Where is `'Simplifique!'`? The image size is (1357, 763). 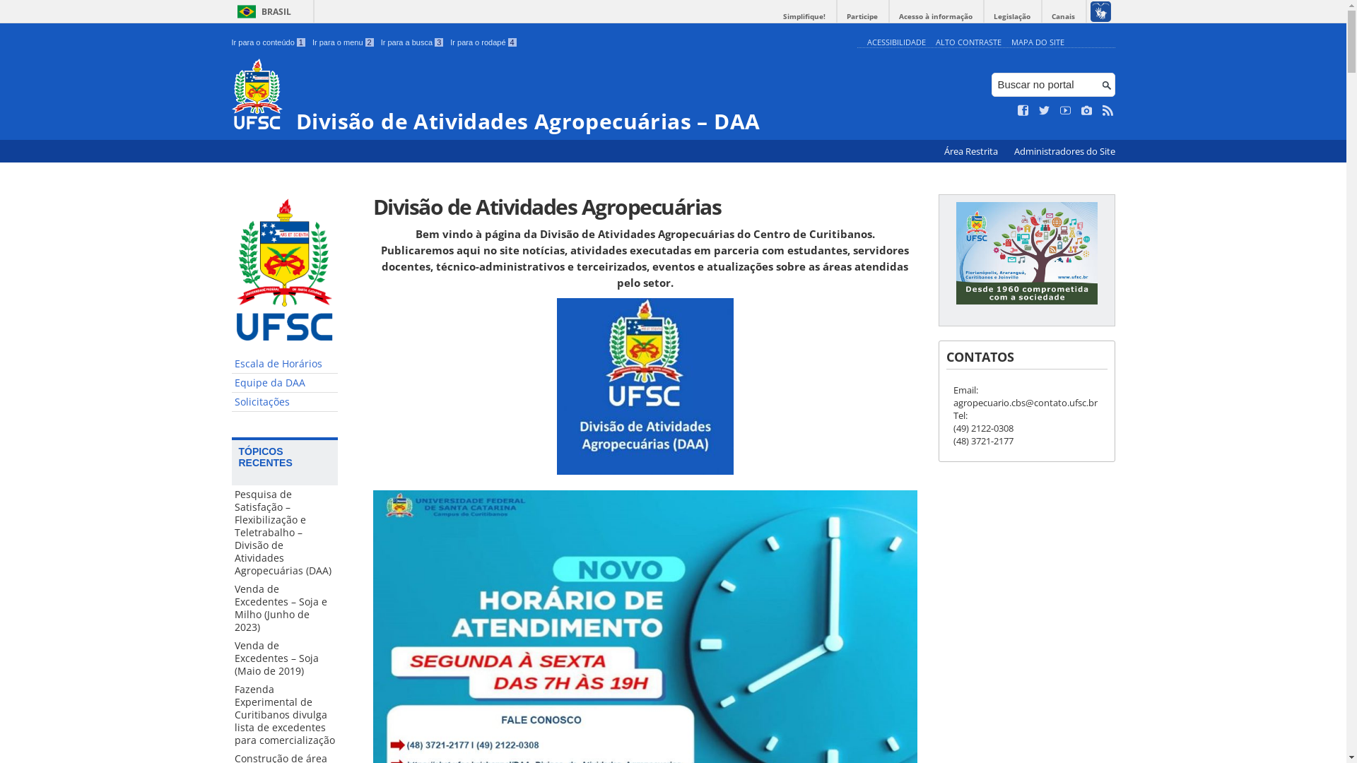
'Simplifique!' is located at coordinates (804, 16).